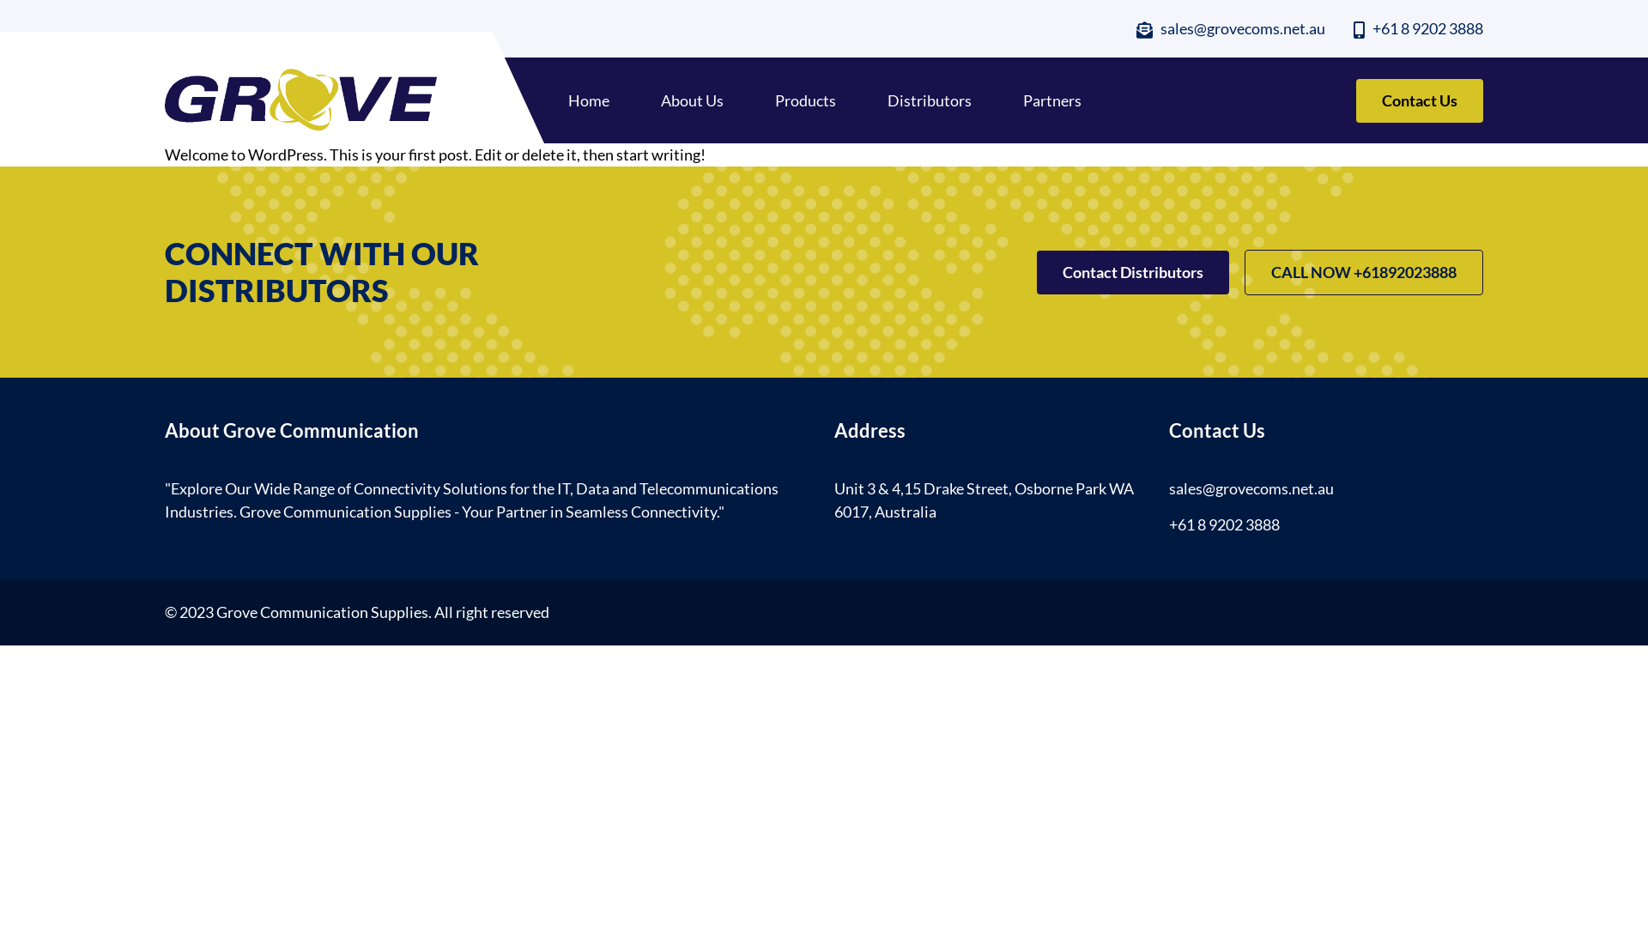  What do you see at coordinates (589, 100) in the screenshot?
I see `'Home'` at bounding box center [589, 100].